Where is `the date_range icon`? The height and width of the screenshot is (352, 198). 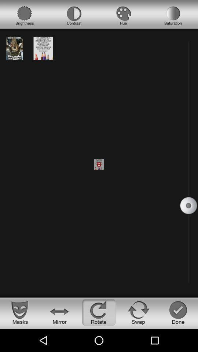 the date_range icon is located at coordinates (43, 48).